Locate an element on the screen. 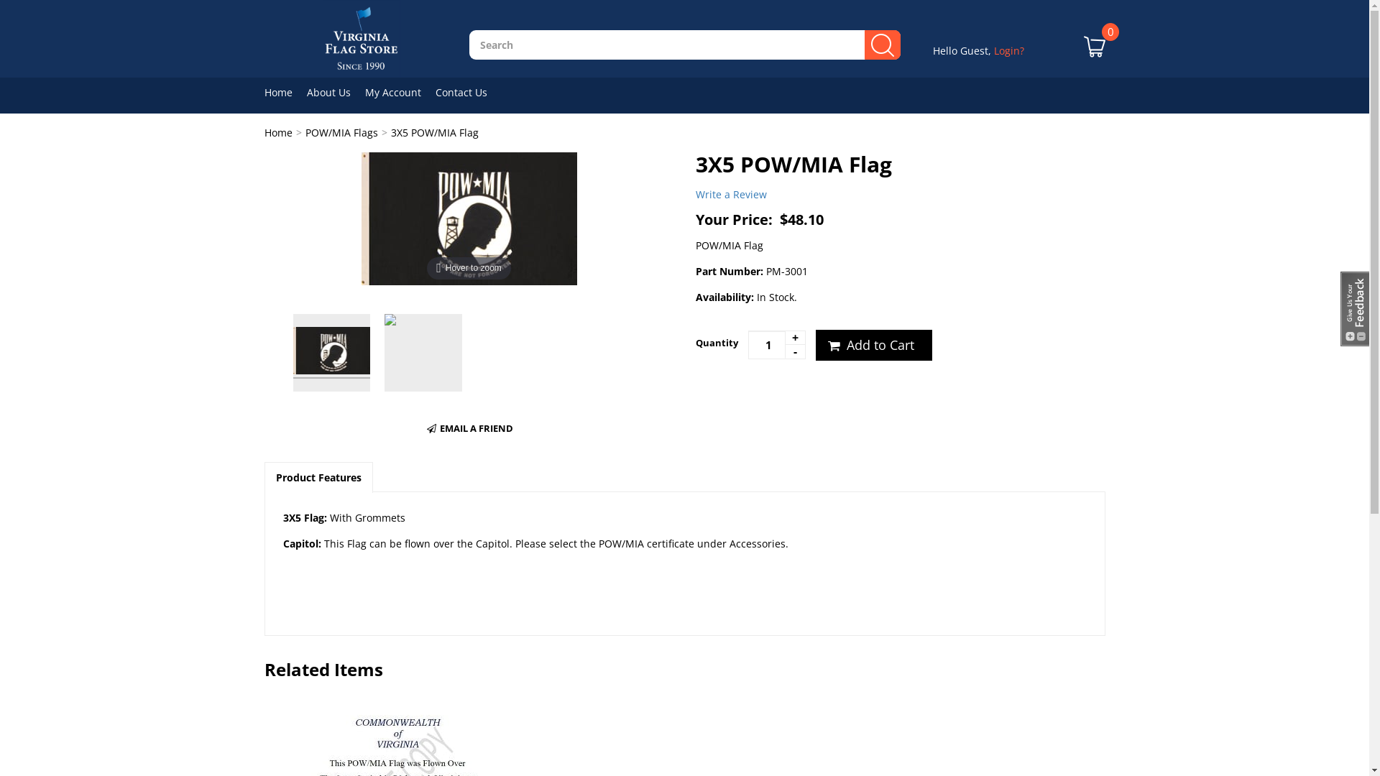 The width and height of the screenshot is (1380, 776). 'Contact Us' is located at coordinates (469, 92).